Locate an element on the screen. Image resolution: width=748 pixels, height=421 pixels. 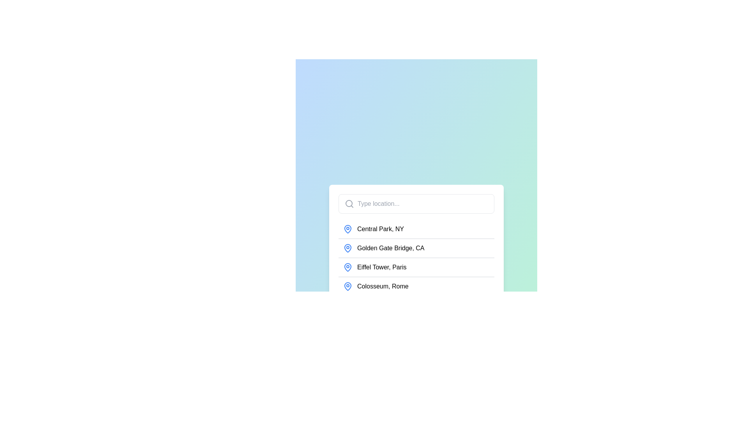
the text element displaying 'Golden Gate Bridge, CA' within the interactive list of location options in the dropdown menu is located at coordinates (391, 248).